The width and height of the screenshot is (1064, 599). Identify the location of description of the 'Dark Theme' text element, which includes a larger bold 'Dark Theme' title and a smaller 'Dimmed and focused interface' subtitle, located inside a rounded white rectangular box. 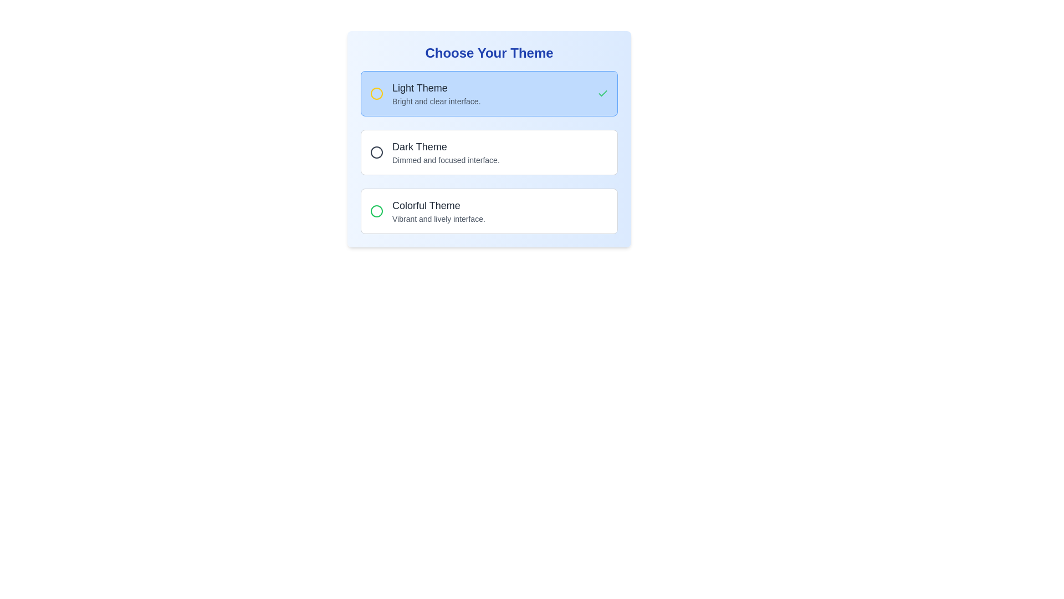
(446, 152).